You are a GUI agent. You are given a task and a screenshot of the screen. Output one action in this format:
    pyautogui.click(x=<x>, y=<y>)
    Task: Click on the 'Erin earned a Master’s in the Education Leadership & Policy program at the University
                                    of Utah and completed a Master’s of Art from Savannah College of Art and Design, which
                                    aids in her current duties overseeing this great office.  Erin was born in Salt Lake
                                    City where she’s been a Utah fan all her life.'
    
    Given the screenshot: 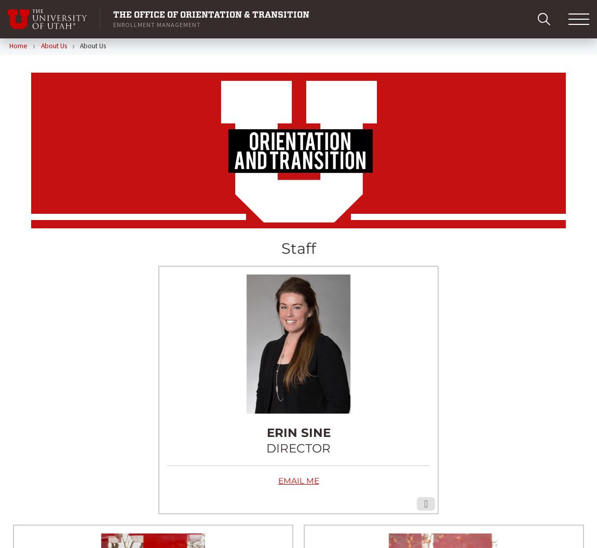 What is the action you would take?
    pyautogui.click(x=298, y=378)
    